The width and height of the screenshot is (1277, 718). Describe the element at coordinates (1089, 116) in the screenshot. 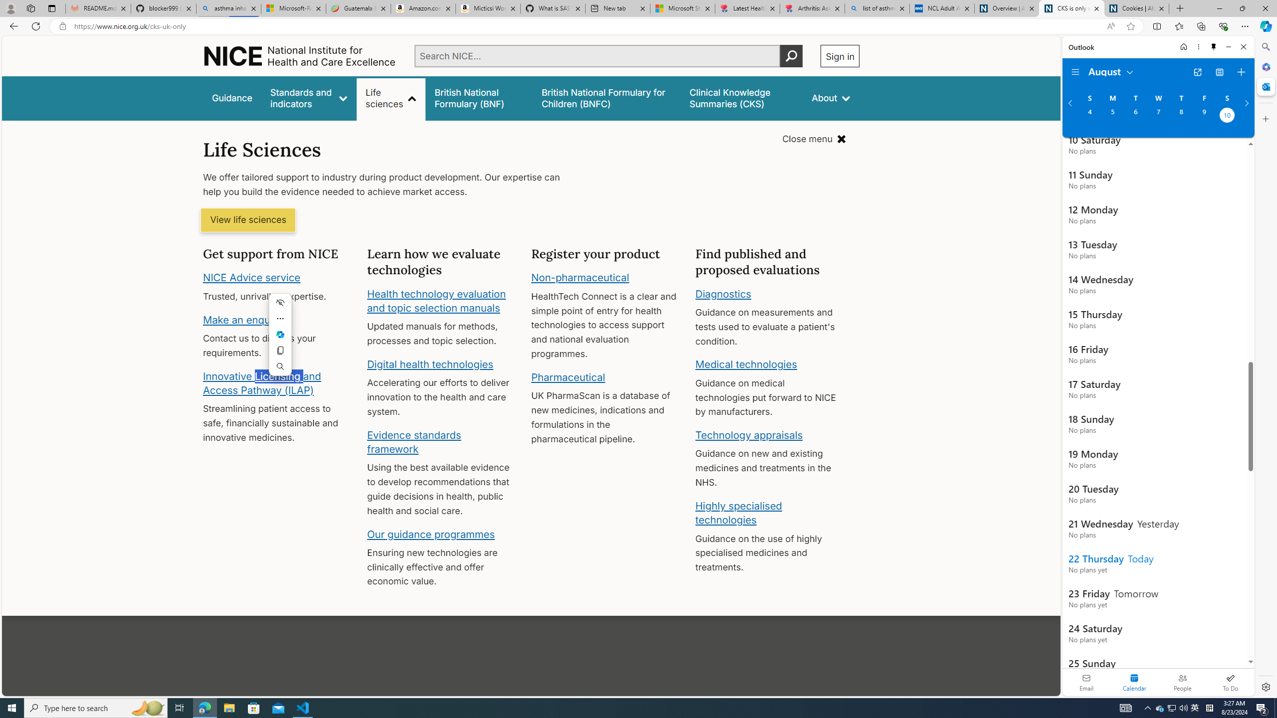

I see `'Sunday, August 4, 2024. '` at that location.